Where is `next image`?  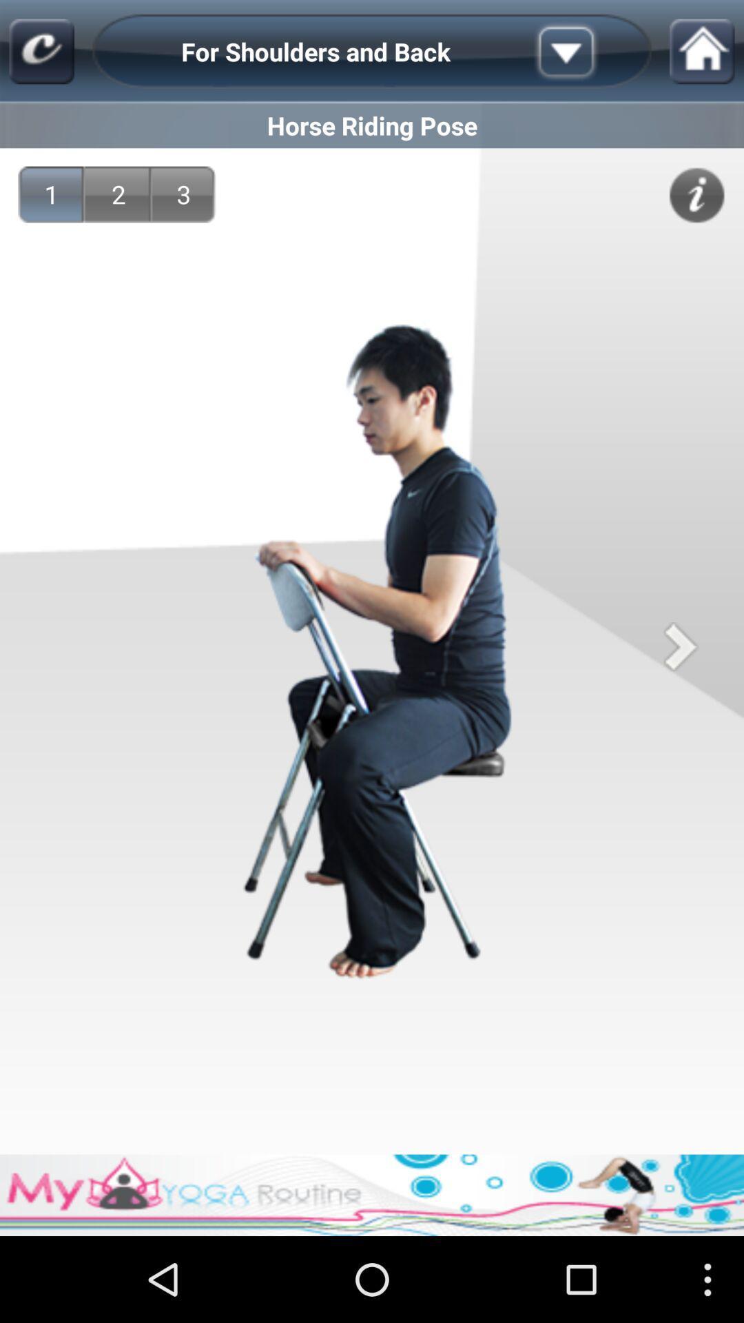 next image is located at coordinates (680, 646).